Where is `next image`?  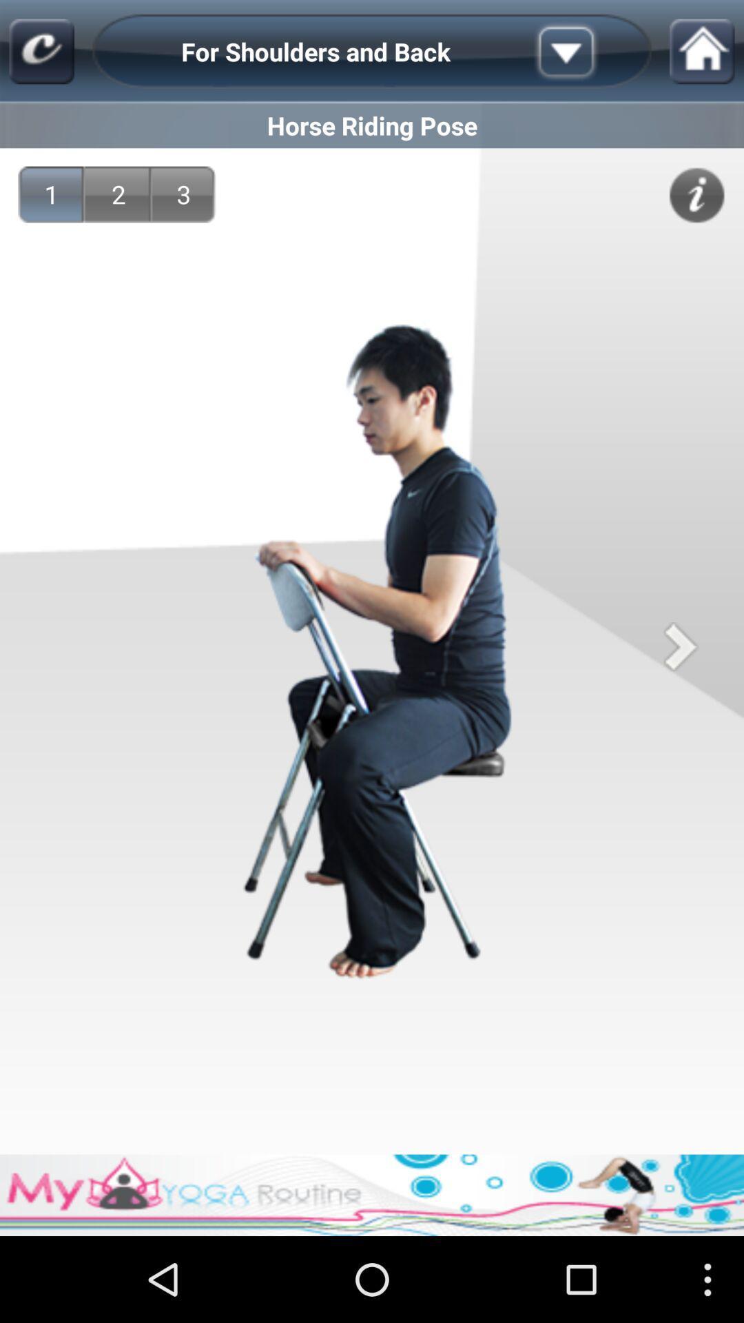 next image is located at coordinates (680, 646).